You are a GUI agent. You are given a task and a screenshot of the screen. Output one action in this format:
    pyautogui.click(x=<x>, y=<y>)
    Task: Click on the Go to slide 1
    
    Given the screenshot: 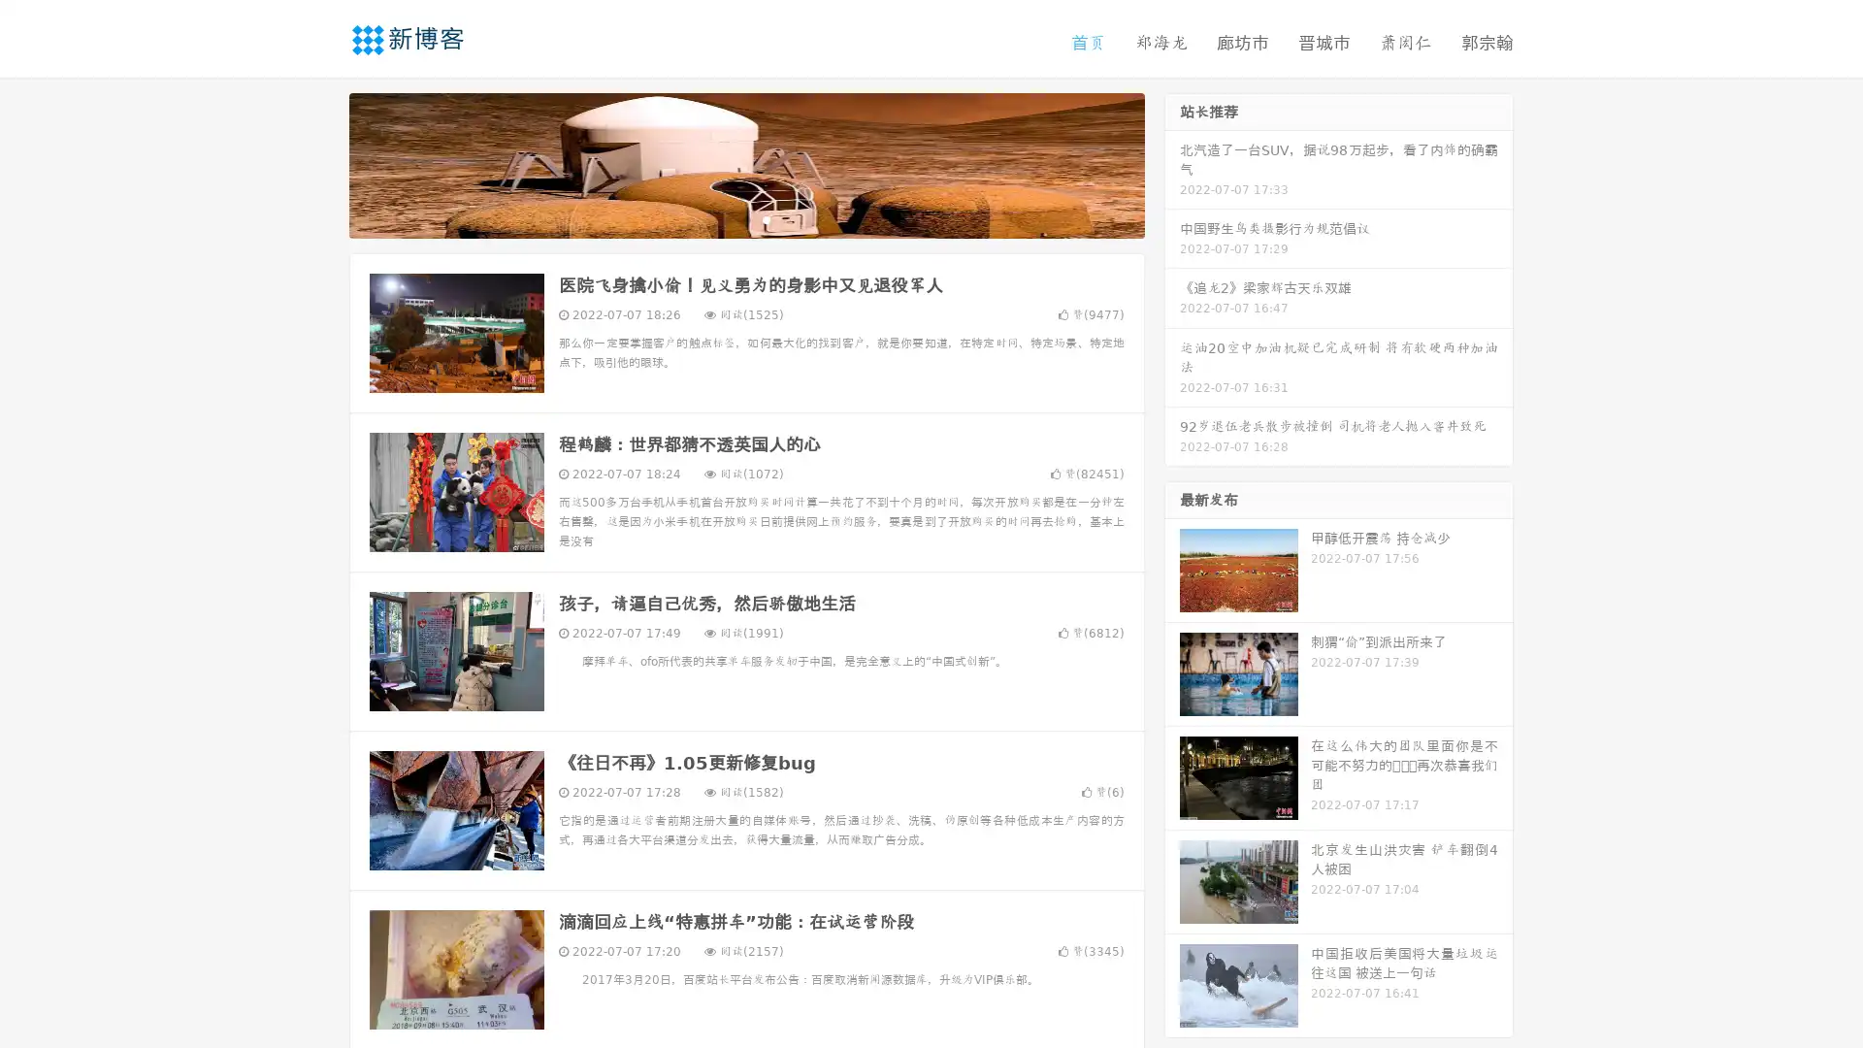 What is the action you would take?
    pyautogui.click(x=726, y=218)
    